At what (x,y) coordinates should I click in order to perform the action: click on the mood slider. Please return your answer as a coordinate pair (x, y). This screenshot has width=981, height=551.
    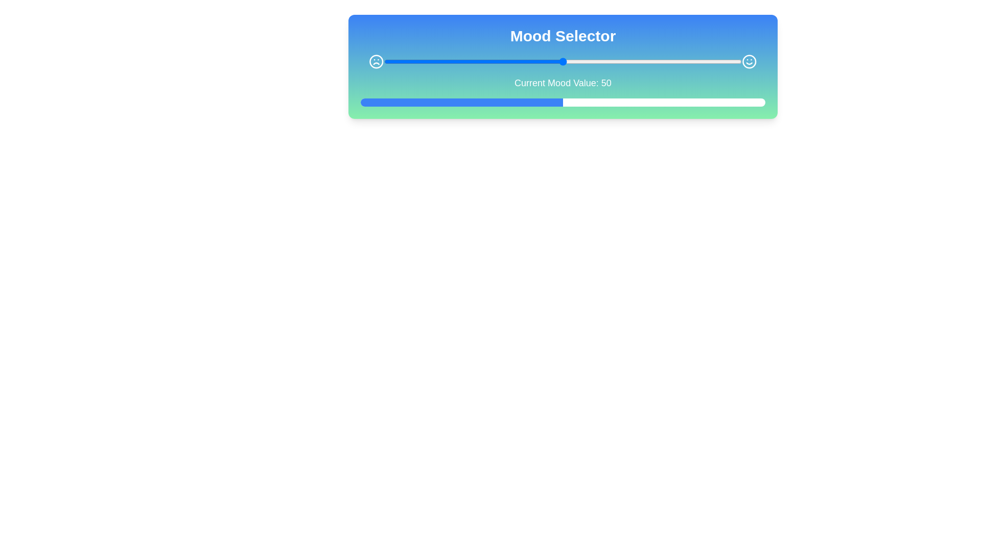
    Looking at the image, I should click on (551, 61).